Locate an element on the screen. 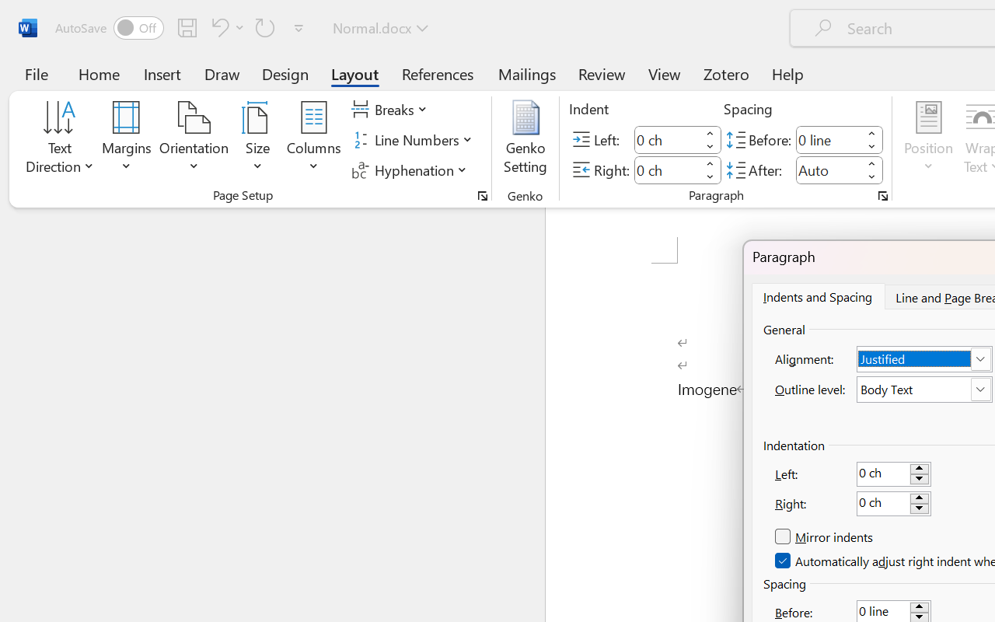  'Text Direction' is located at coordinates (60, 139).